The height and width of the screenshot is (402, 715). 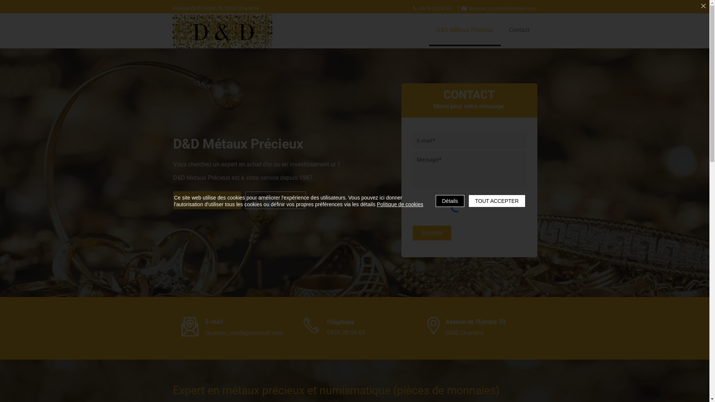 What do you see at coordinates (432, 232) in the screenshot?
I see `'Envoyer'` at bounding box center [432, 232].